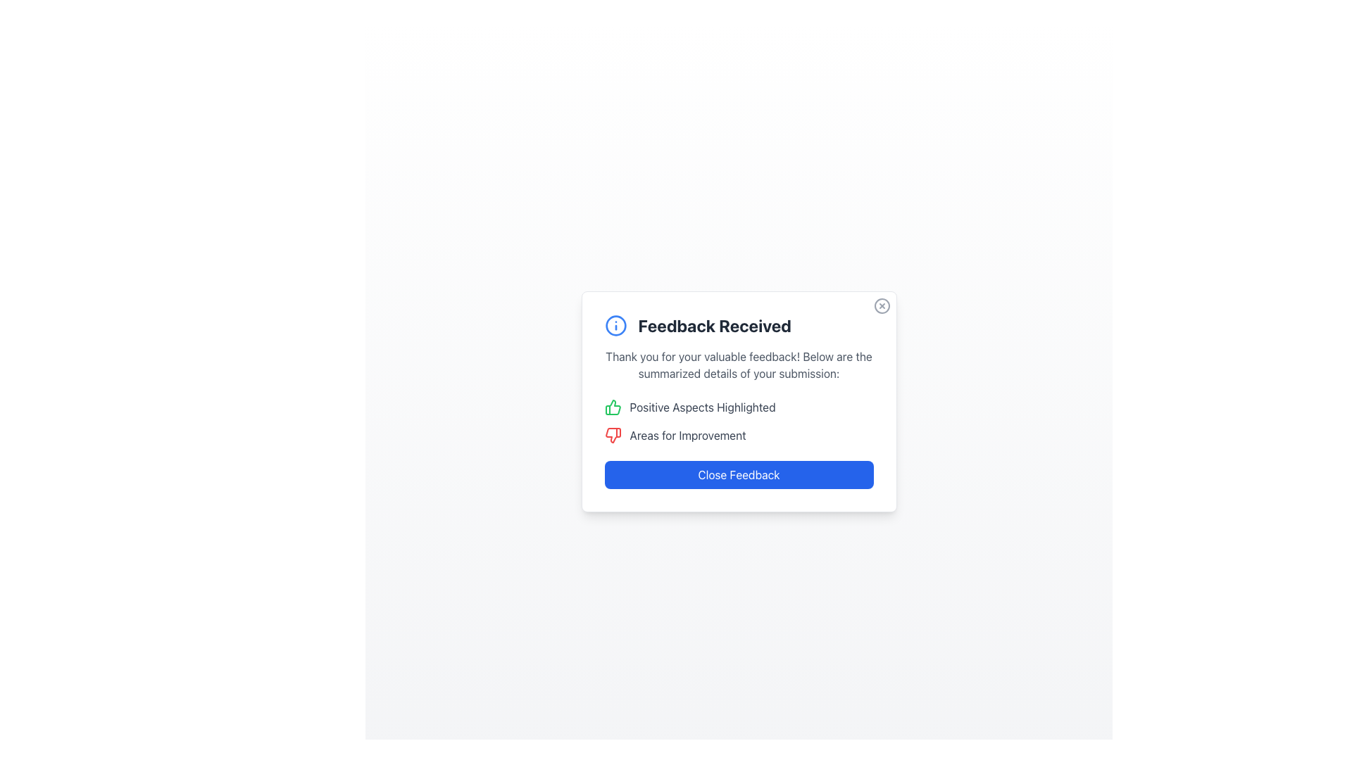 This screenshot has width=1352, height=760. Describe the element at coordinates (613, 434) in the screenshot. I see `the negative points icon positioned to the left of the 'Areas for Improvement' text in the feedback window` at that location.